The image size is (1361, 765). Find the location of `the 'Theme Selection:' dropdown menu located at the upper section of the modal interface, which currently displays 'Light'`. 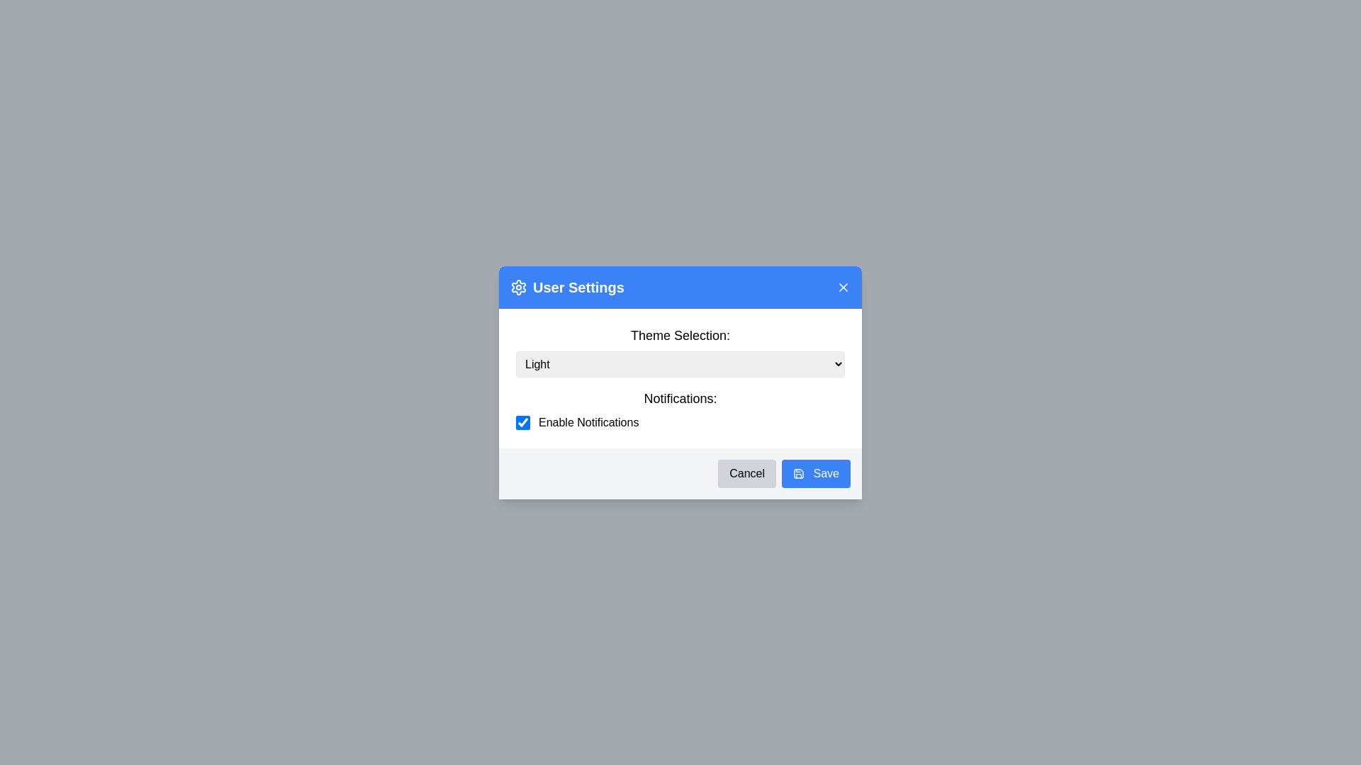

the 'Theme Selection:' dropdown menu located at the upper section of the modal interface, which currently displays 'Light' is located at coordinates (680, 351).